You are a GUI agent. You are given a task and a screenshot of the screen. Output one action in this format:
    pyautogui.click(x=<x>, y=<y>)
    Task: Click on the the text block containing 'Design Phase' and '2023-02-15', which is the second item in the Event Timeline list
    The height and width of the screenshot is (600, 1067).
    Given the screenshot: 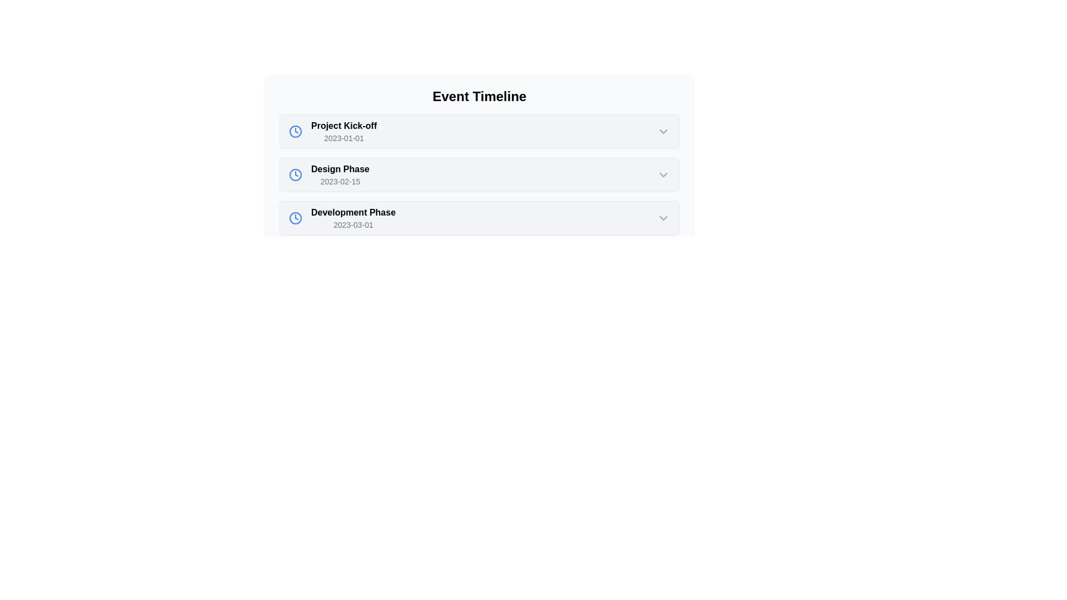 What is the action you would take?
    pyautogui.click(x=340, y=175)
    